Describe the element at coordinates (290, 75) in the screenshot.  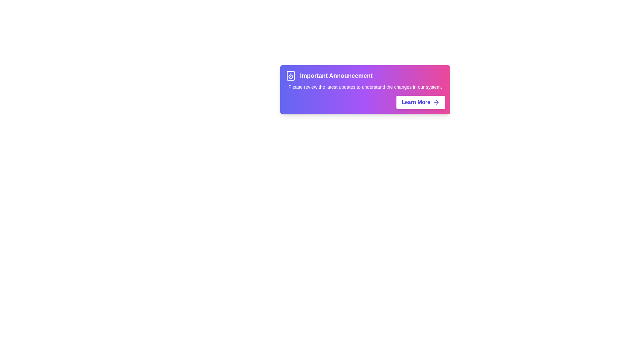
I see `the 'Speaker' icon` at that location.